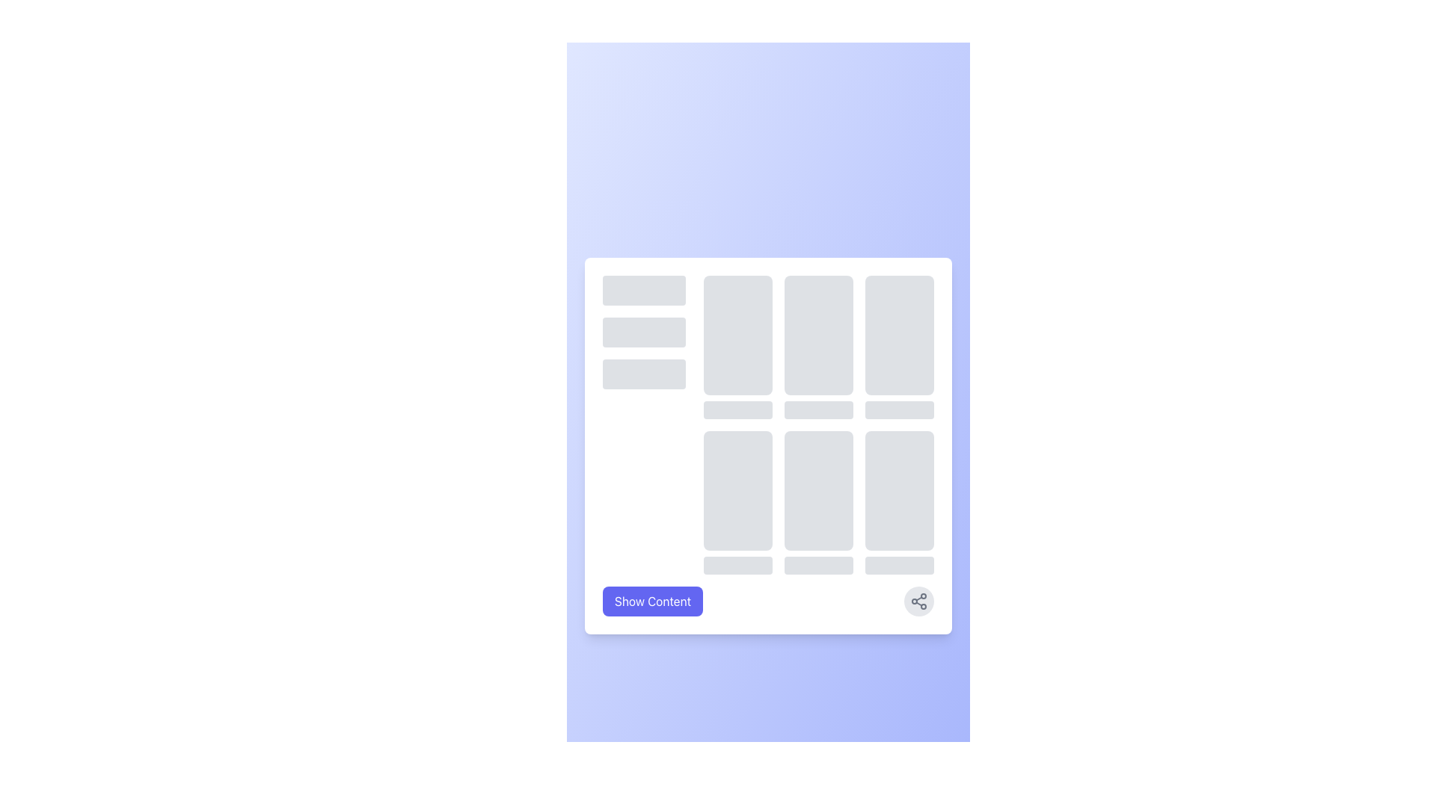 Image resolution: width=1436 pixels, height=807 pixels. Describe the element at coordinates (817, 502) in the screenshot. I see `the List item placeholder with two subsections located in the middle column of the second row in the grid layout` at that location.